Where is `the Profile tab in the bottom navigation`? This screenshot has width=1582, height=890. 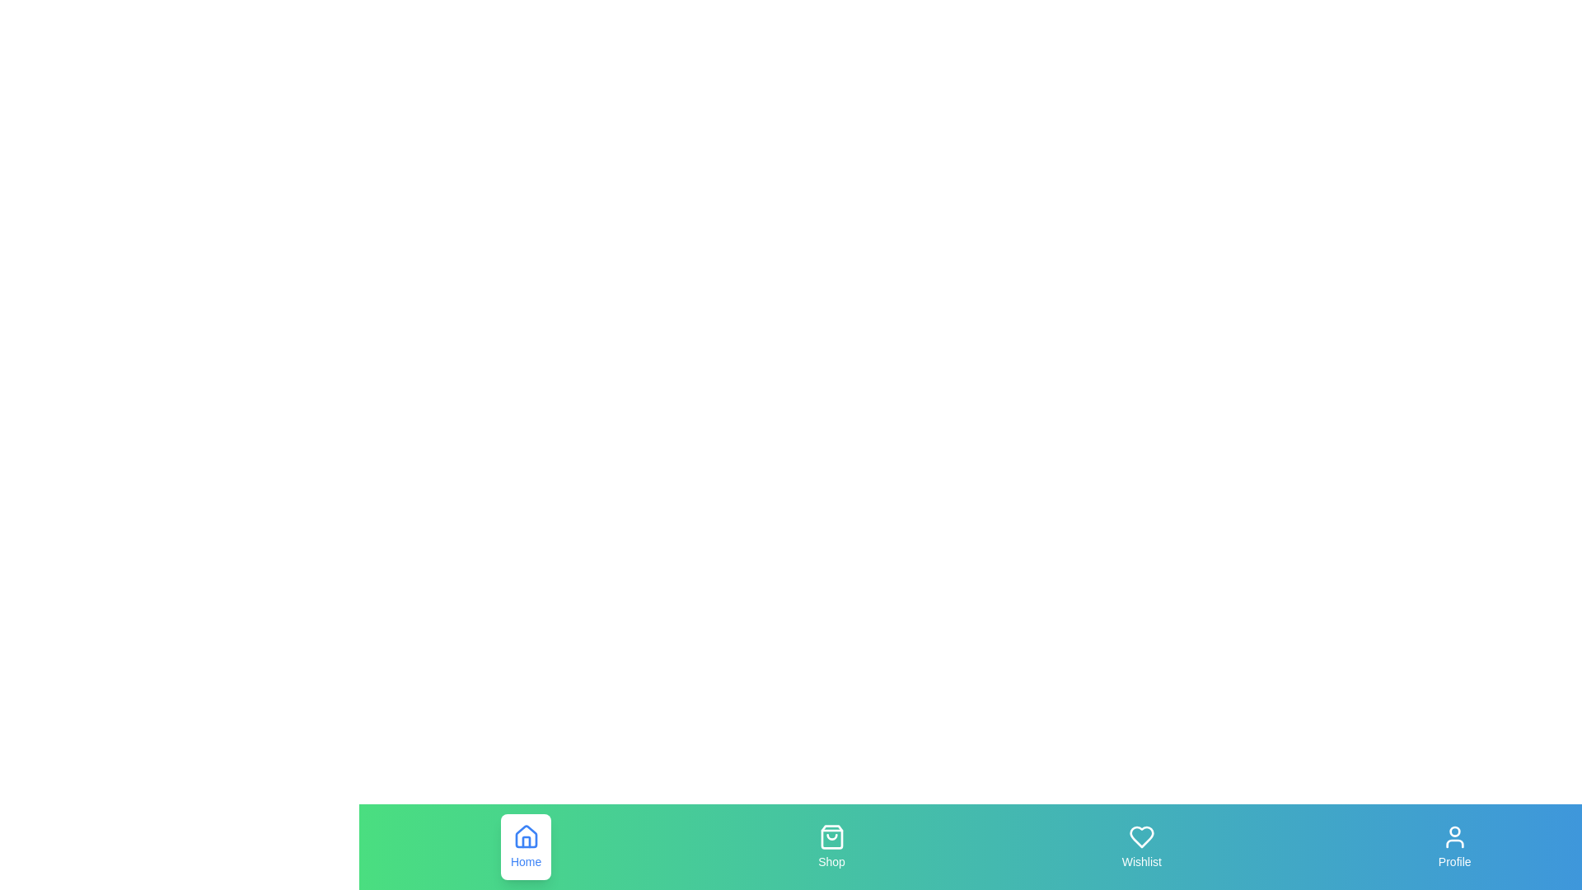 the Profile tab in the bottom navigation is located at coordinates (1454, 847).